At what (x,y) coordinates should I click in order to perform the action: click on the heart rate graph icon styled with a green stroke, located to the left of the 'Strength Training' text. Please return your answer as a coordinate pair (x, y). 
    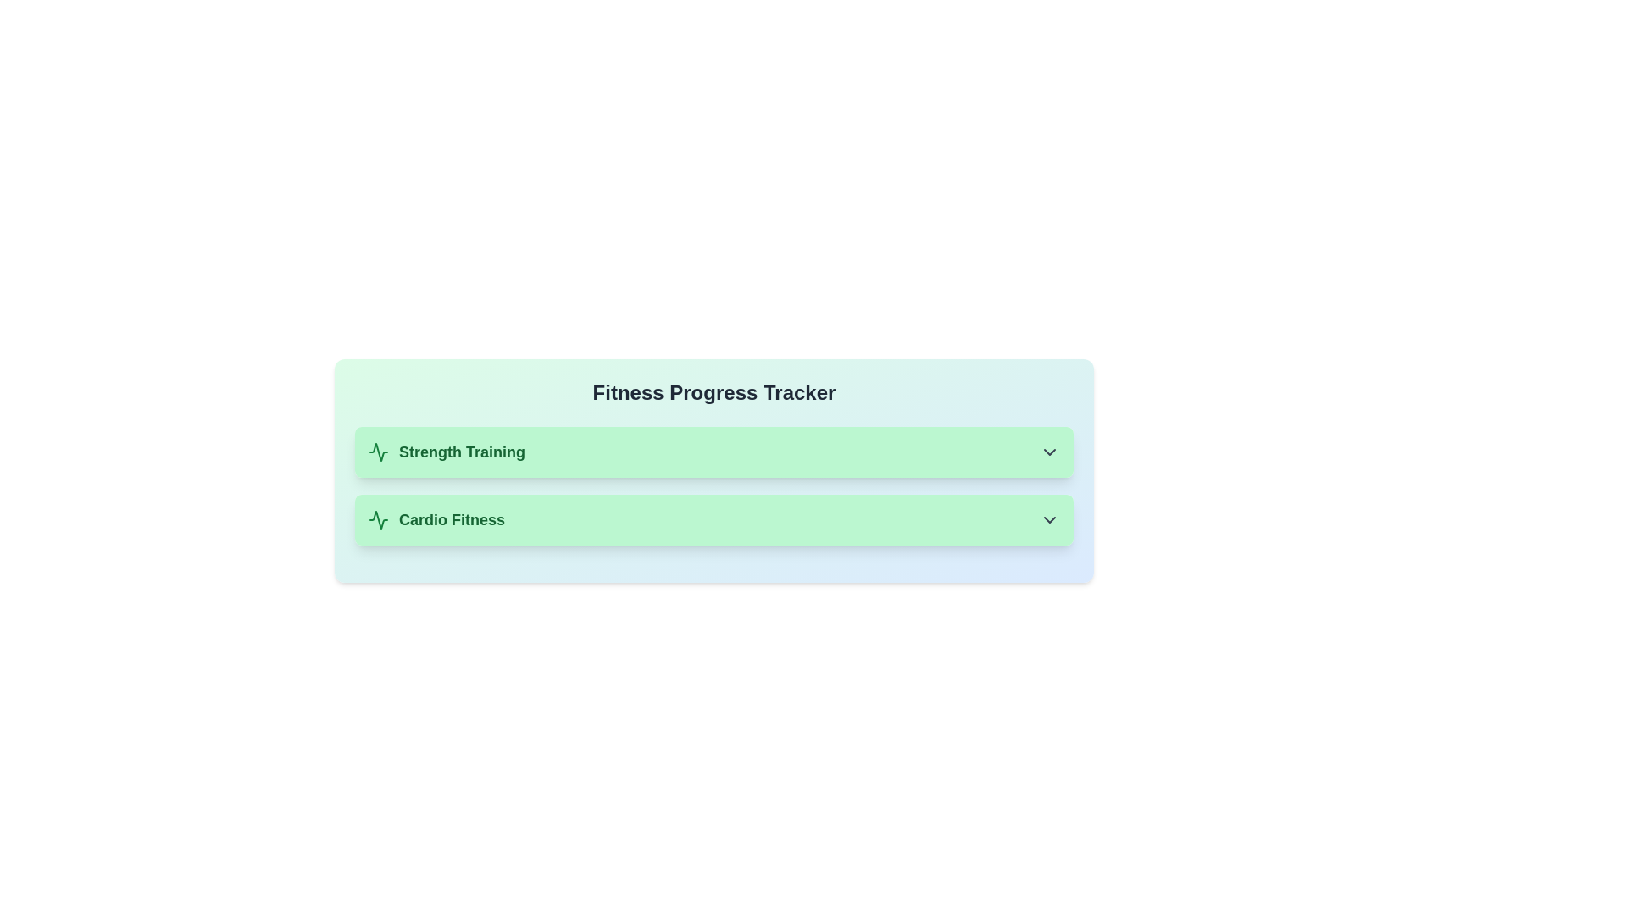
    Looking at the image, I should click on (377, 451).